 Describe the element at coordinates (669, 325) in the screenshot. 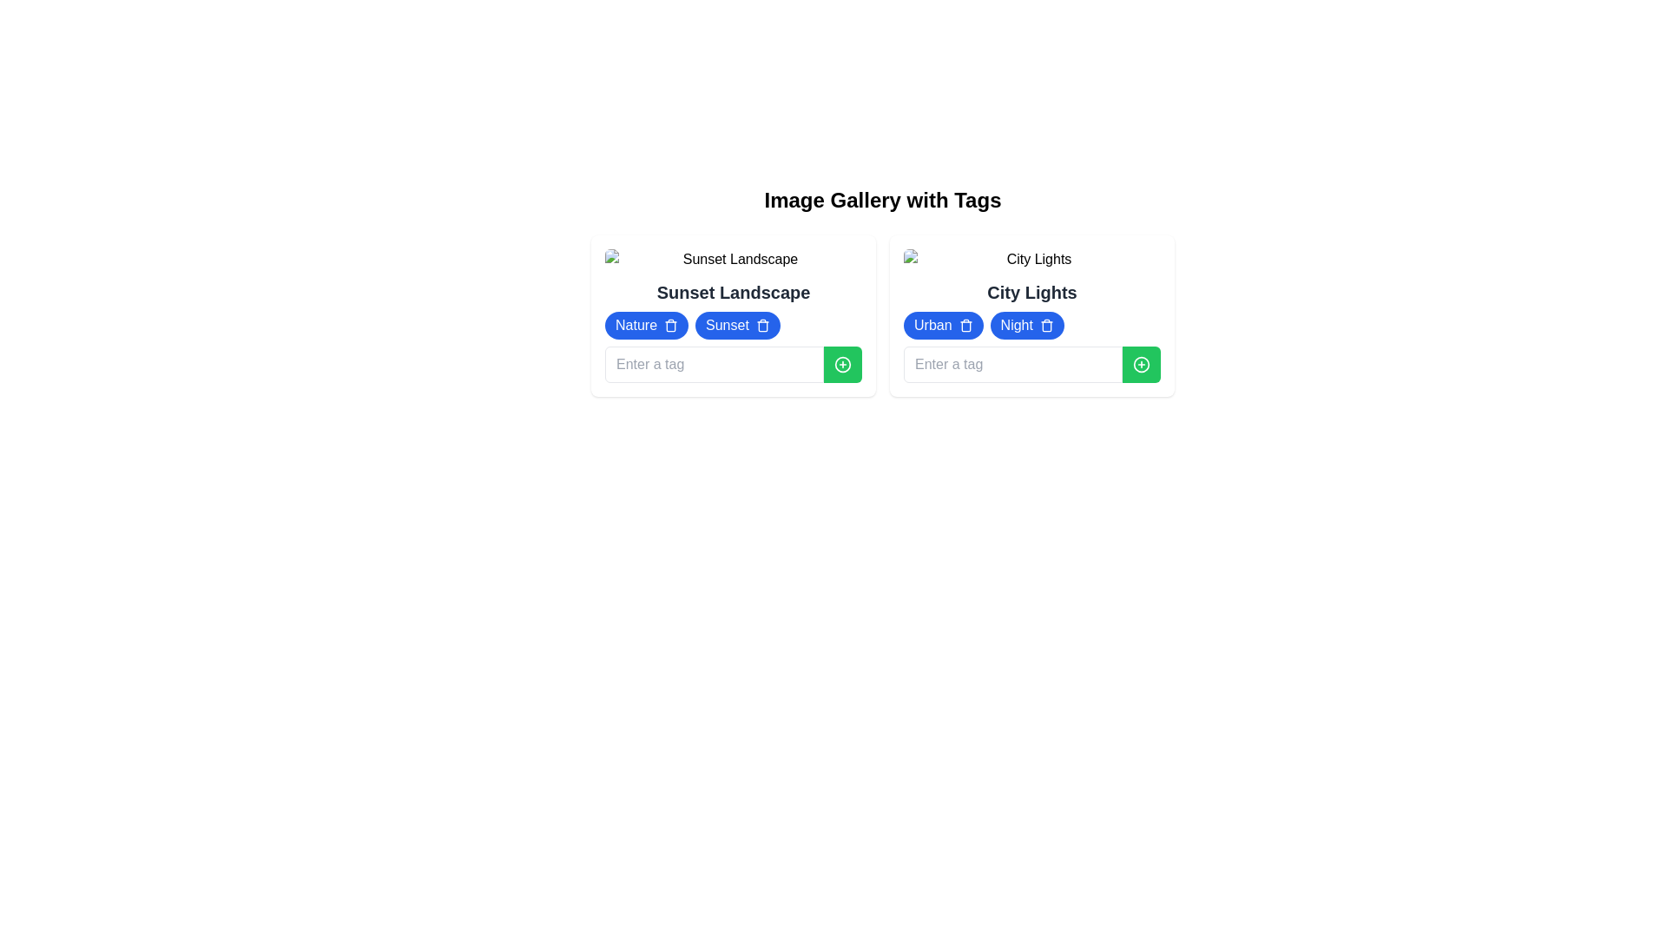

I see `the delete icon button for the 'Nature' tag located in the first card titled 'Sunset Landscape'. This button is positioned to the right of the 'Nature' label text` at that location.